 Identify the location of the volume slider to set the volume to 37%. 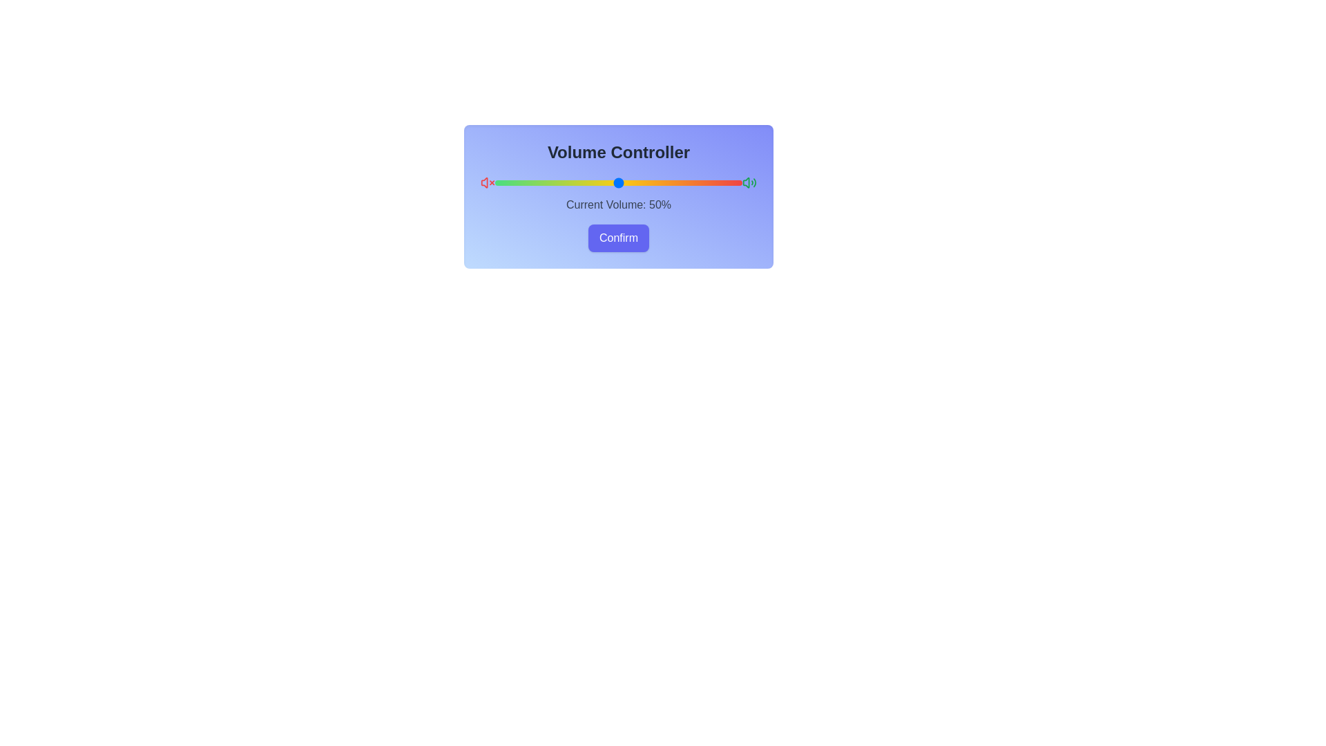
(586, 182).